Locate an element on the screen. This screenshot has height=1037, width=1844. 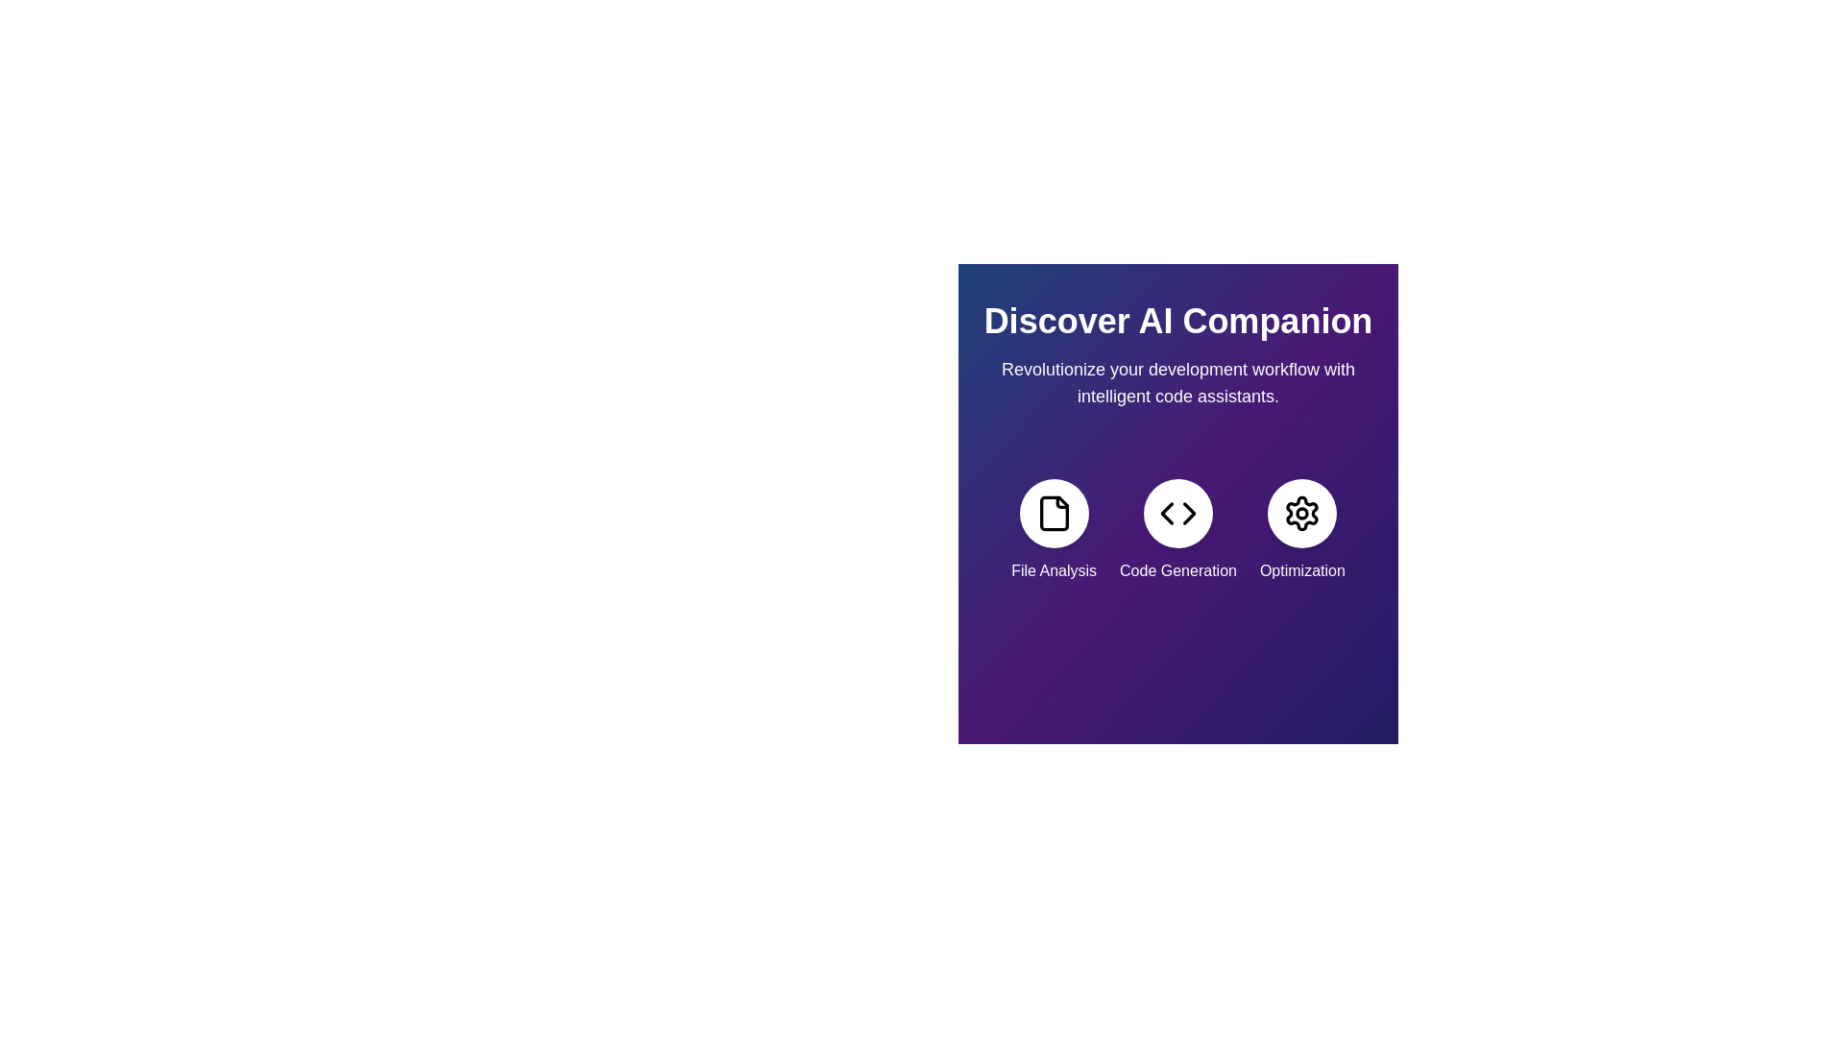
the text label that displays 'File Analysis' in white font on a purple background, located at the bottom of a vertical group under the file icon is located at coordinates (1053, 569).